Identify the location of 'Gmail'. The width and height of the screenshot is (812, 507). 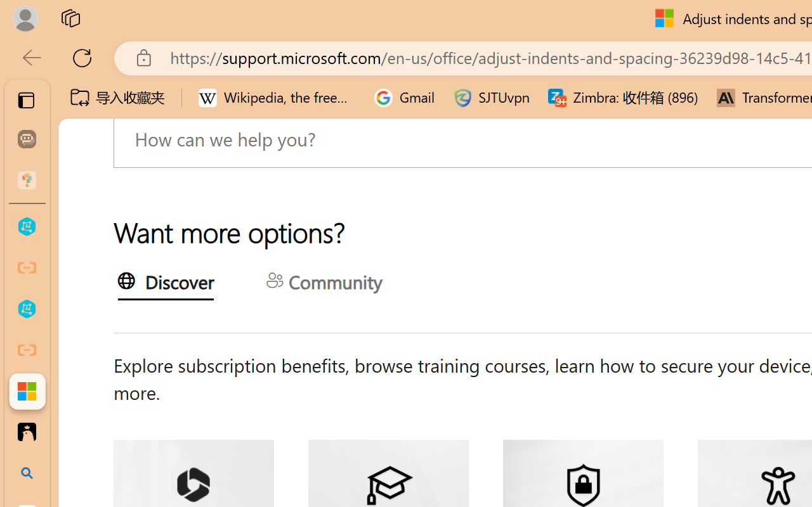
(404, 98).